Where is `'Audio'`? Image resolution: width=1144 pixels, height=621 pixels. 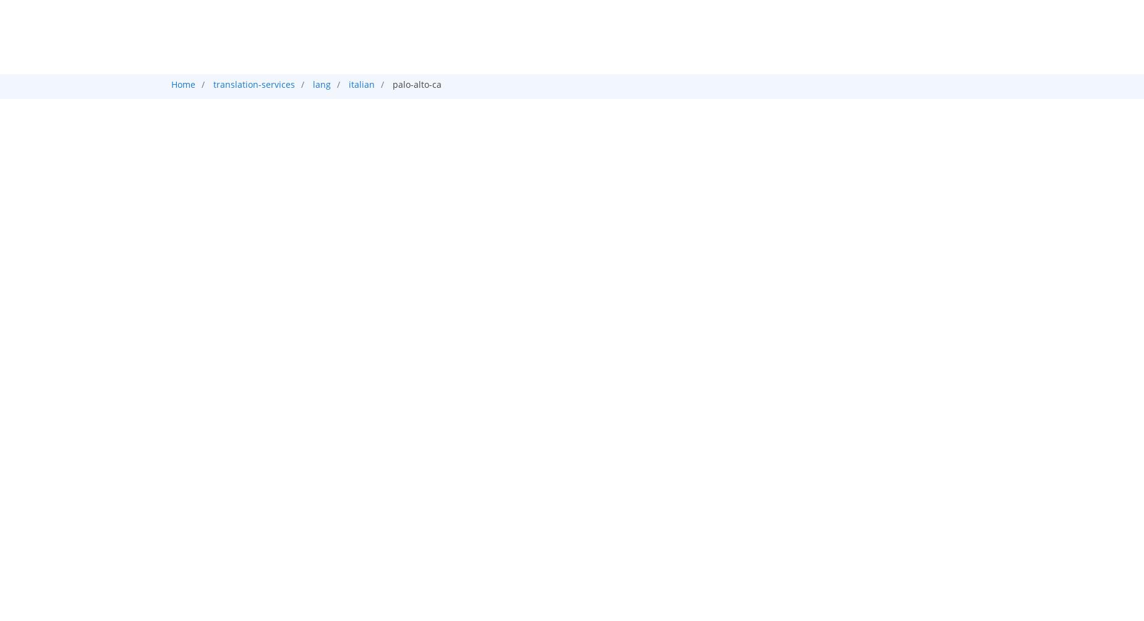 'Audio' is located at coordinates (822, 108).